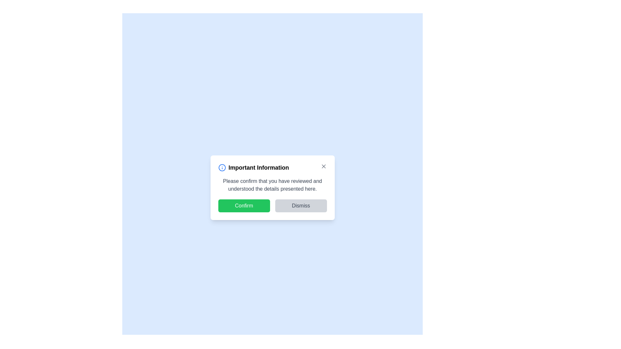 The height and width of the screenshot is (349, 621). What do you see at coordinates (323, 166) in the screenshot?
I see `the Close Icon located at the upper-right corner of the modal dialog box` at bounding box center [323, 166].